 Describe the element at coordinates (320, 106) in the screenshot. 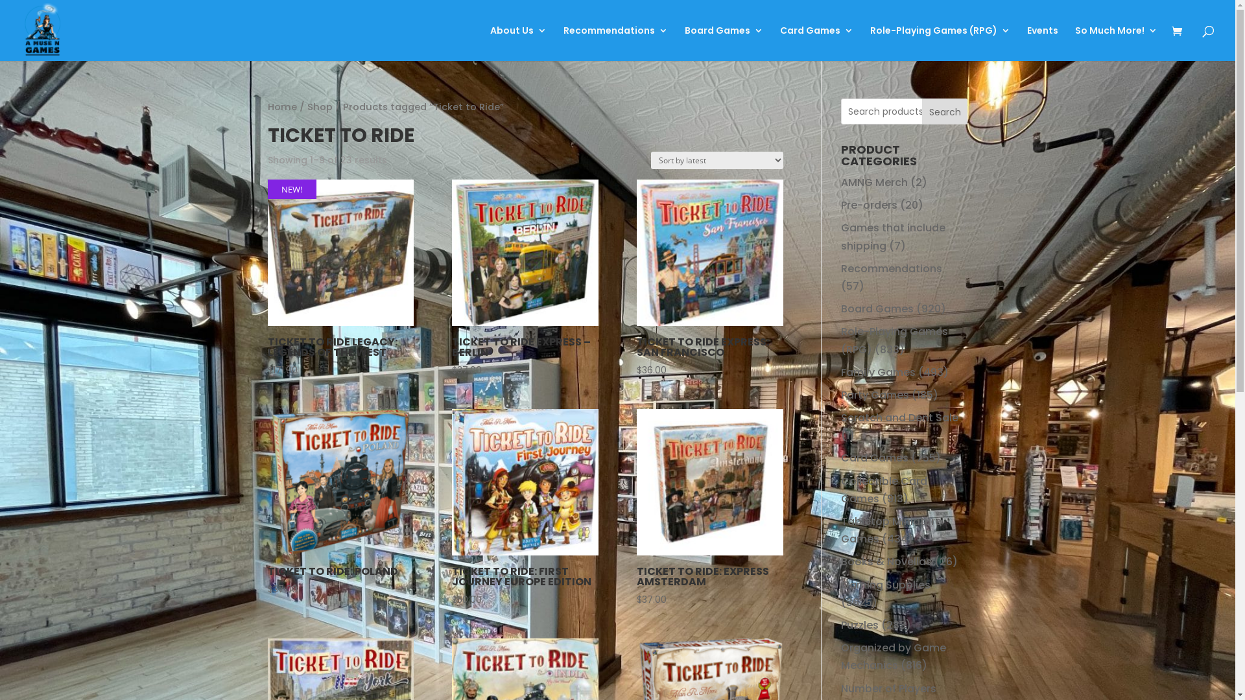

I see `'Shop'` at that location.